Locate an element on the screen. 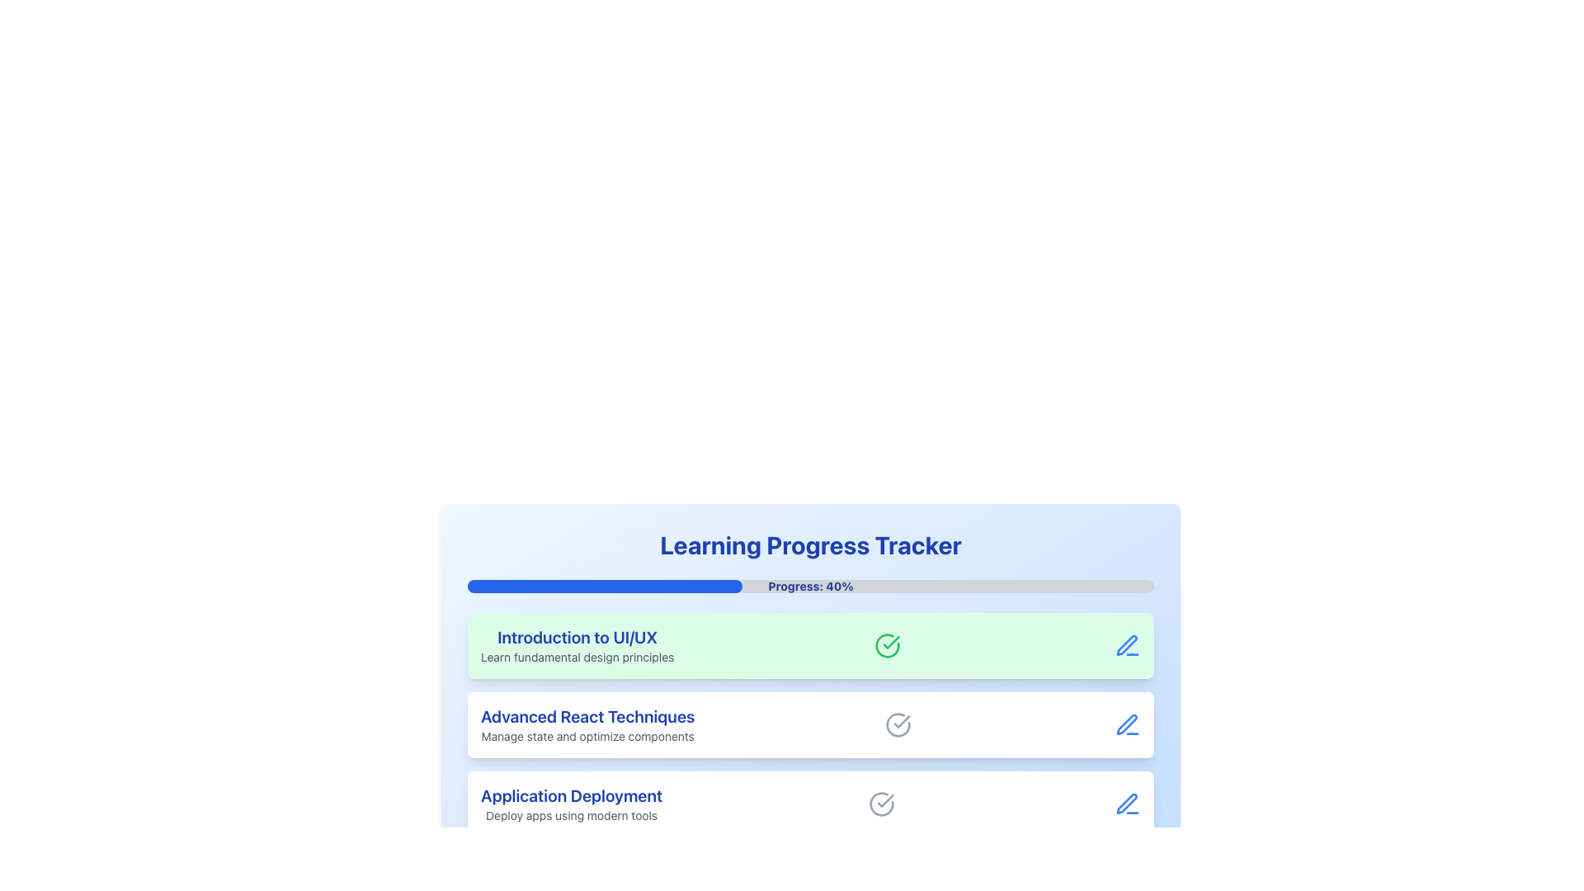 This screenshot has width=1584, height=891. the third list item titled 'Application Deployment' in the Learning Progress Tracker section is located at coordinates (811, 804).